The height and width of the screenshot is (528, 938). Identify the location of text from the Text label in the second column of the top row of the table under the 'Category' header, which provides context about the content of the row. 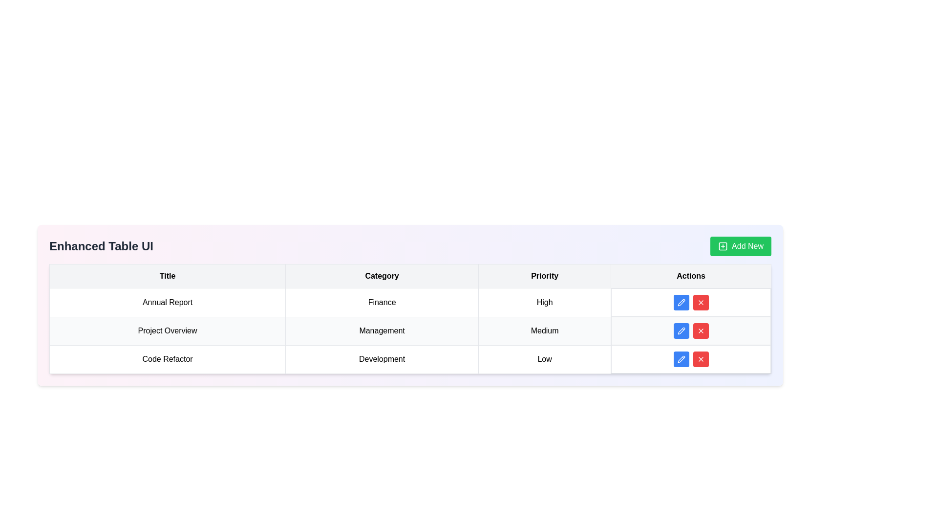
(382, 302).